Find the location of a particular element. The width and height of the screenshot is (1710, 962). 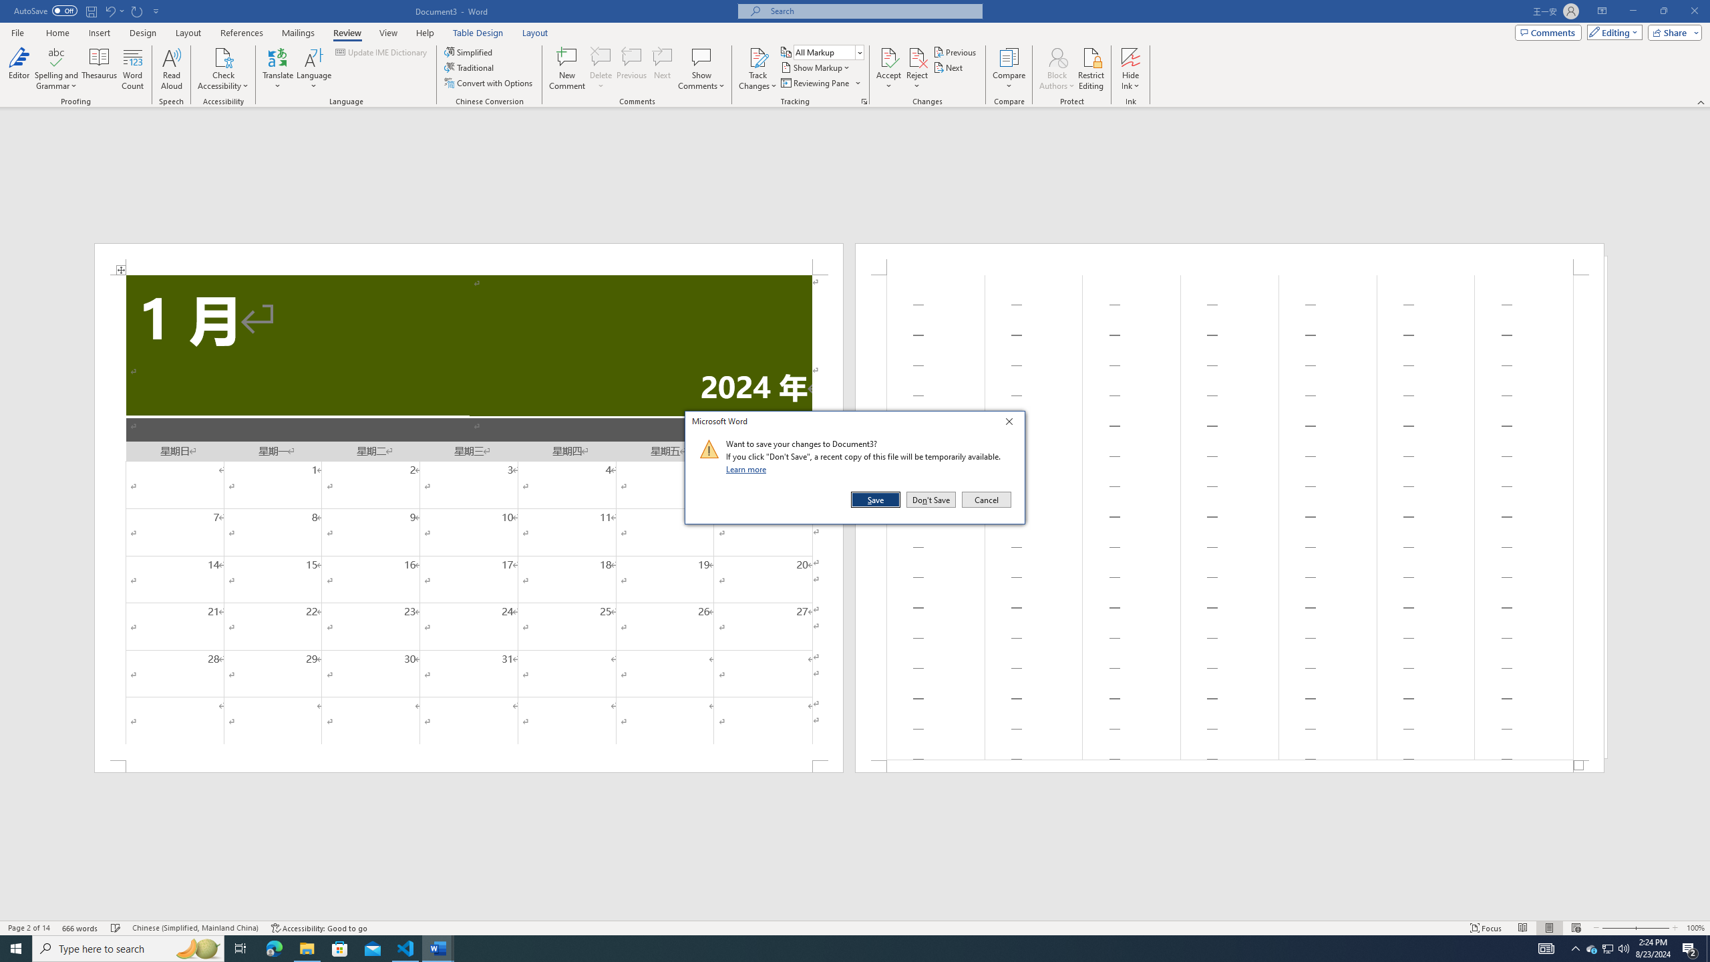

'Display for Review' is located at coordinates (828, 51).